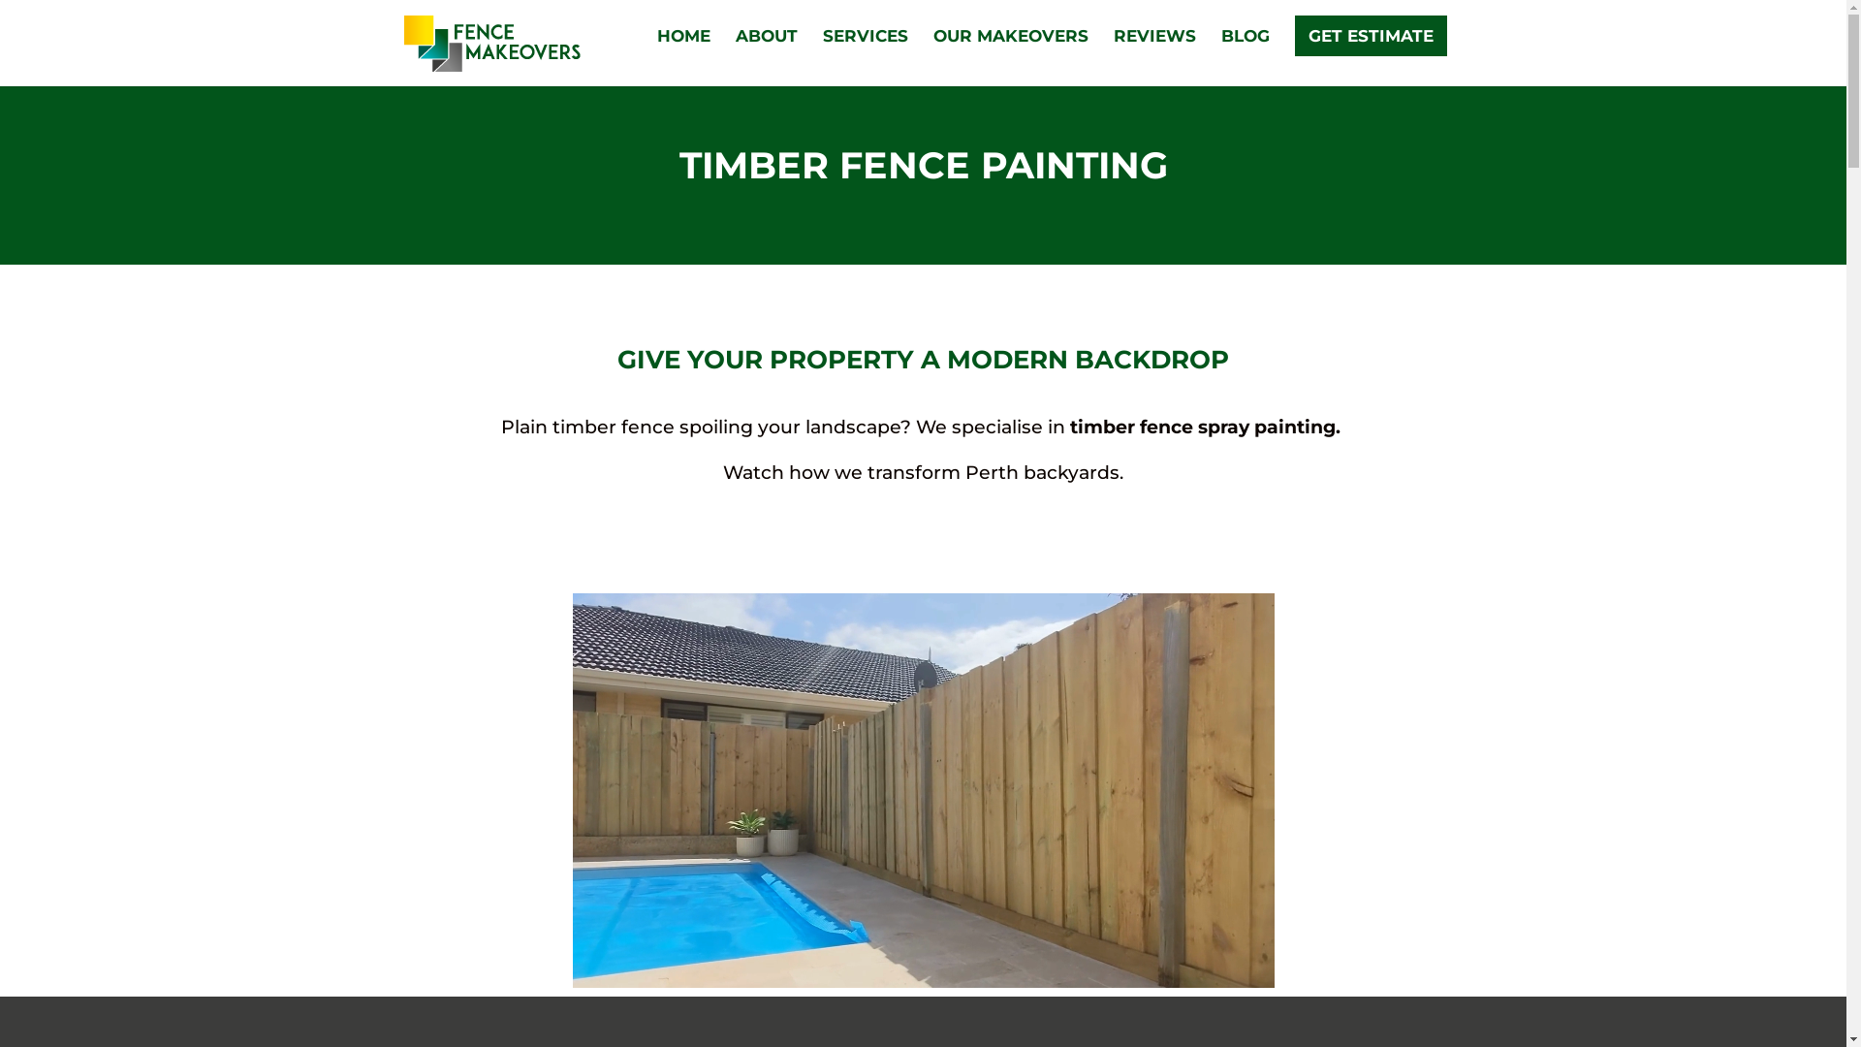 The image size is (1861, 1047). I want to click on 'HOME', so click(683, 56).